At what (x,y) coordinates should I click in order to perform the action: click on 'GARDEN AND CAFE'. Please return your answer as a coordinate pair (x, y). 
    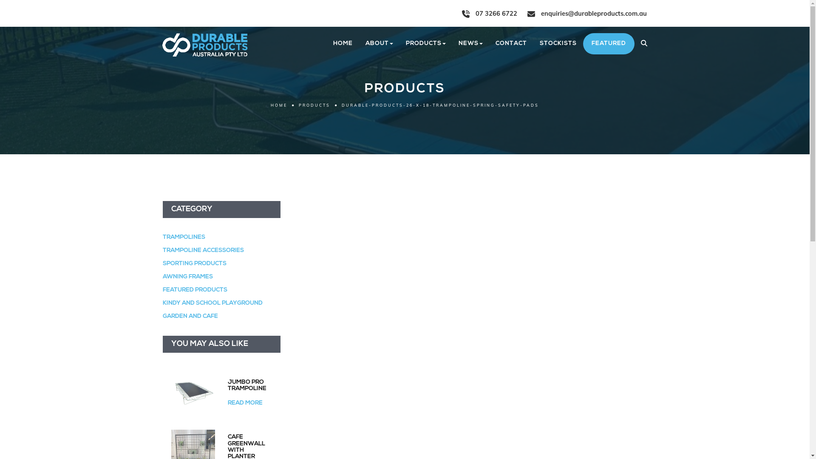
    Looking at the image, I should click on (162, 316).